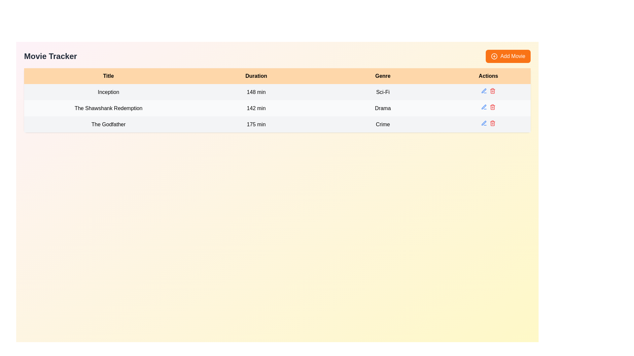 This screenshot has height=356, width=634. I want to click on the text label displaying '175 min' located in the third row under the 'Duration' column of the table, positioned between 'The Godfather' and 'Crime', so click(256, 124).